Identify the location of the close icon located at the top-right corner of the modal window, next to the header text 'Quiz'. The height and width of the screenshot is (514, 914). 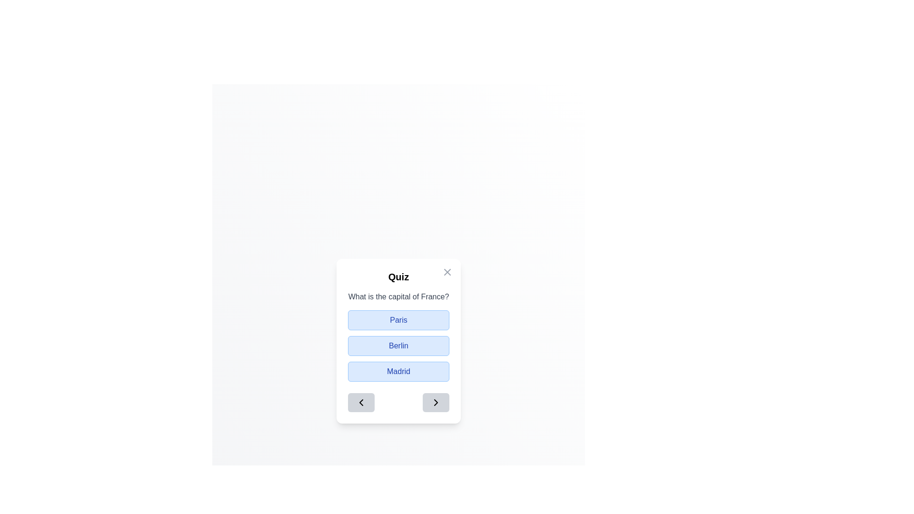
(447, 272).